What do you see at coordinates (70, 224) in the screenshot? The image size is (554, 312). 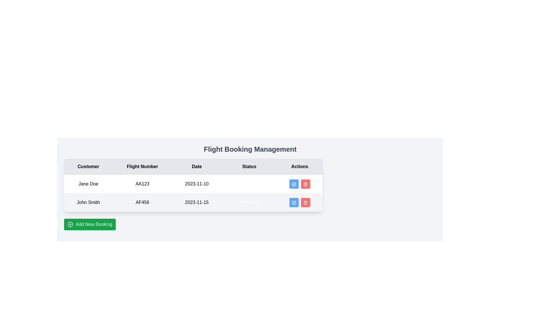 I see `the circular icon, which is a solid green circle bordered by a white circle, located within the 'Add New Booking' button` at bounding box center [70, 224].